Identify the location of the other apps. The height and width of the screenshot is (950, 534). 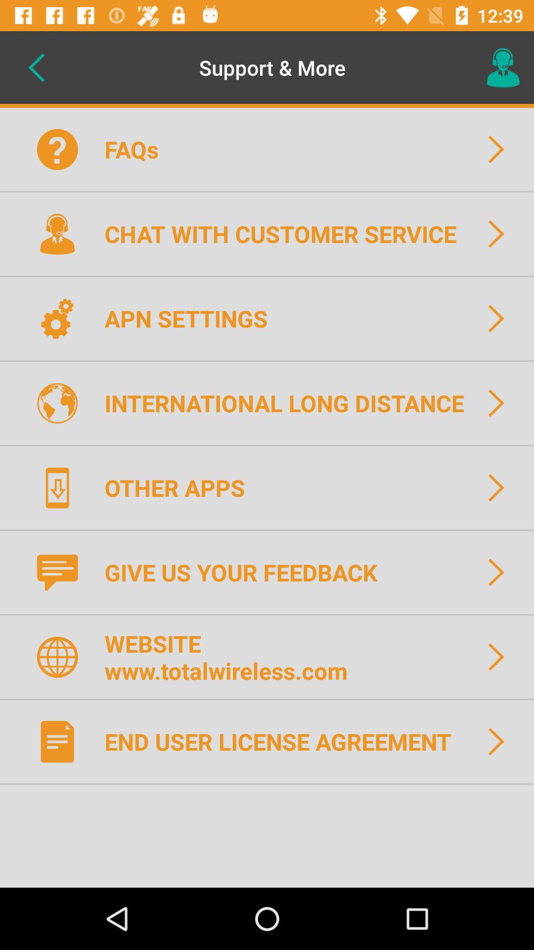
(181, 487).